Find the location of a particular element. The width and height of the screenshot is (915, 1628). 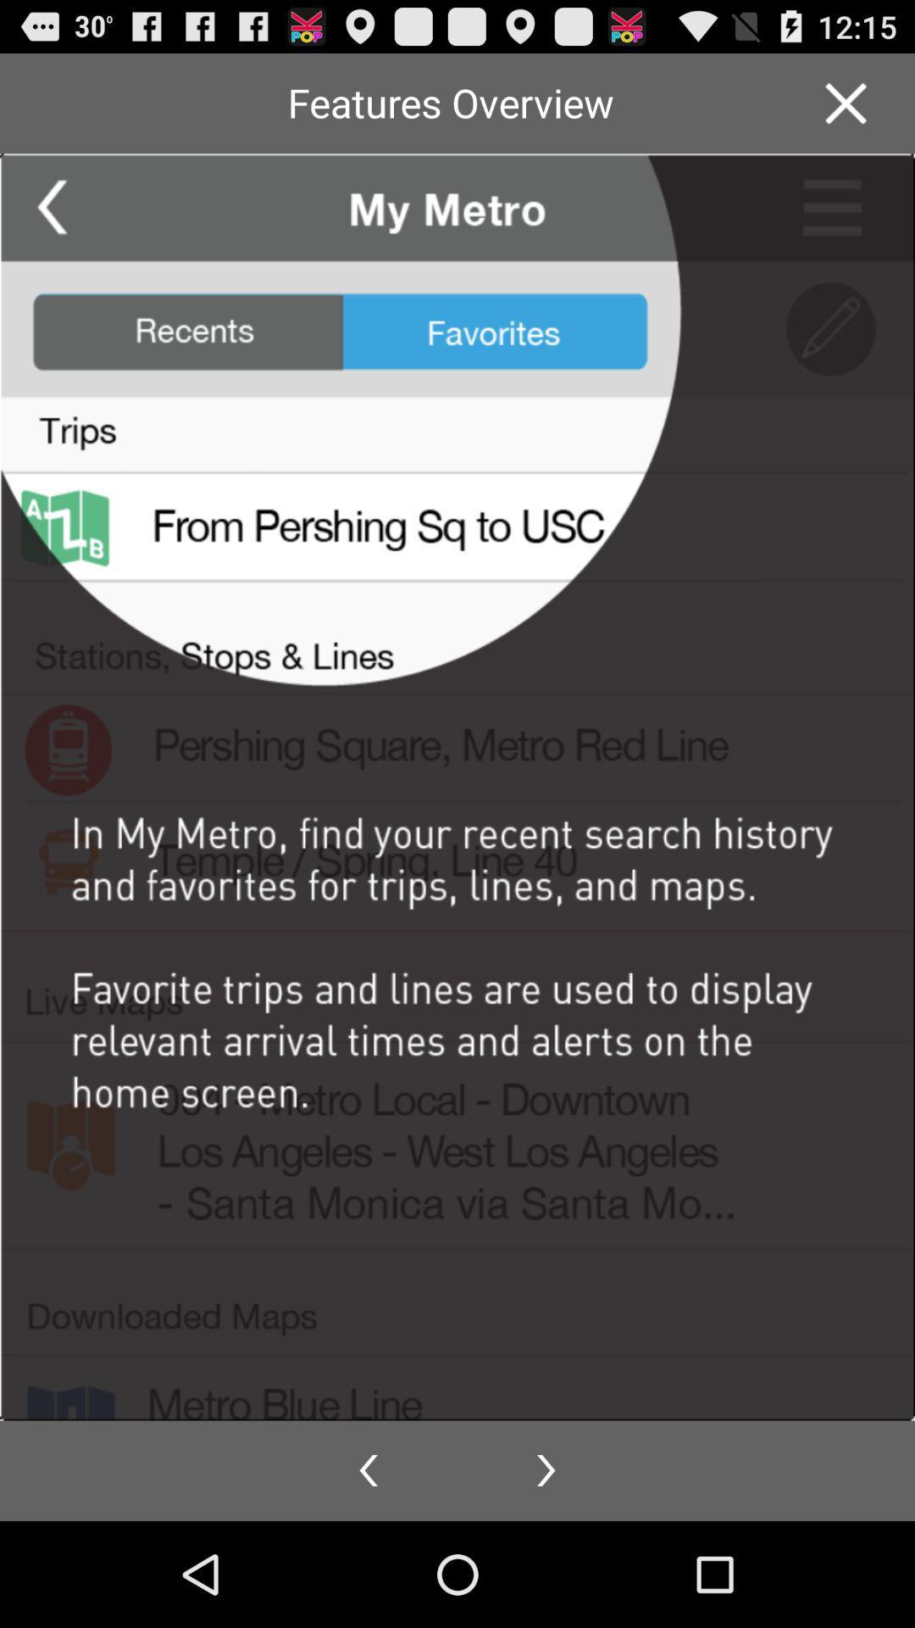

the close icon is located at coordinates (846, 109).